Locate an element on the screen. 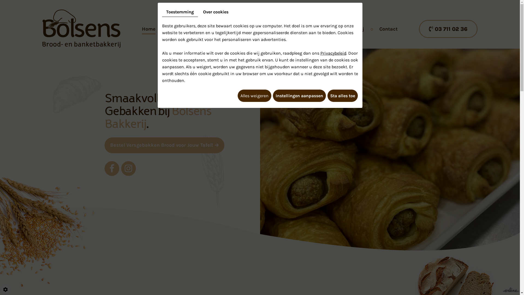 This screenshot has width=524, height=295. 'Over cookies' is located at coordinates (198, 12).